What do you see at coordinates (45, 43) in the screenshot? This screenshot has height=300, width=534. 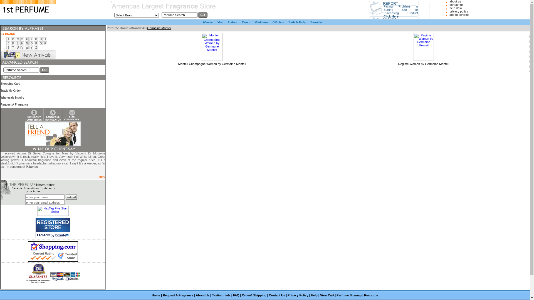 I see `'R'` at bounding box center [45, 43].